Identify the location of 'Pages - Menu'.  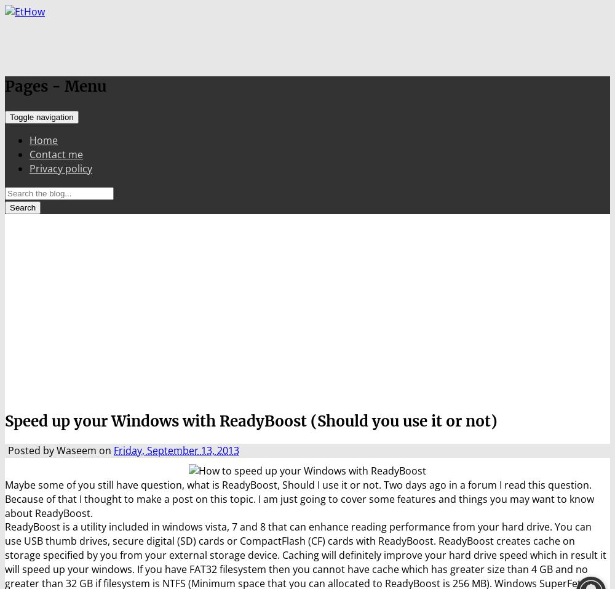
(55, 86).